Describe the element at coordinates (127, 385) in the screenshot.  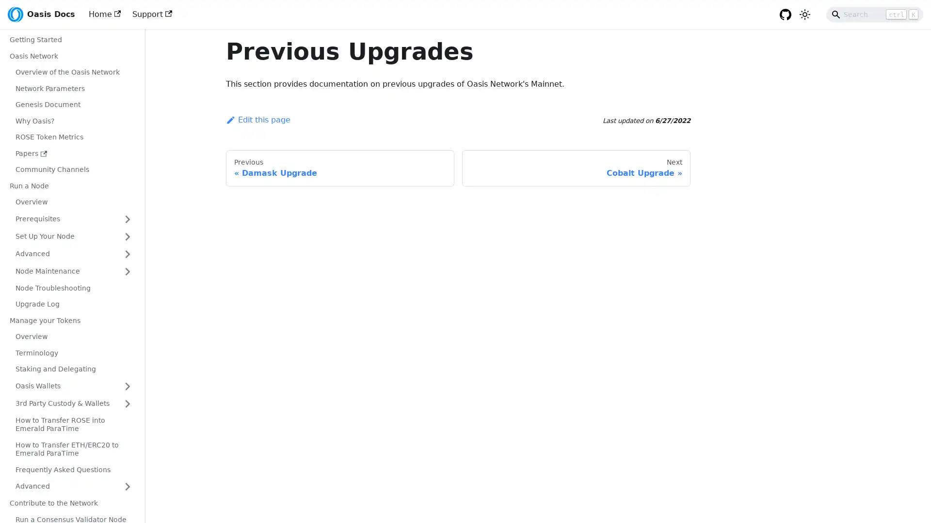
I see `Toggle the collapsible sidebar category 'Oasis Wallets'` at that location.